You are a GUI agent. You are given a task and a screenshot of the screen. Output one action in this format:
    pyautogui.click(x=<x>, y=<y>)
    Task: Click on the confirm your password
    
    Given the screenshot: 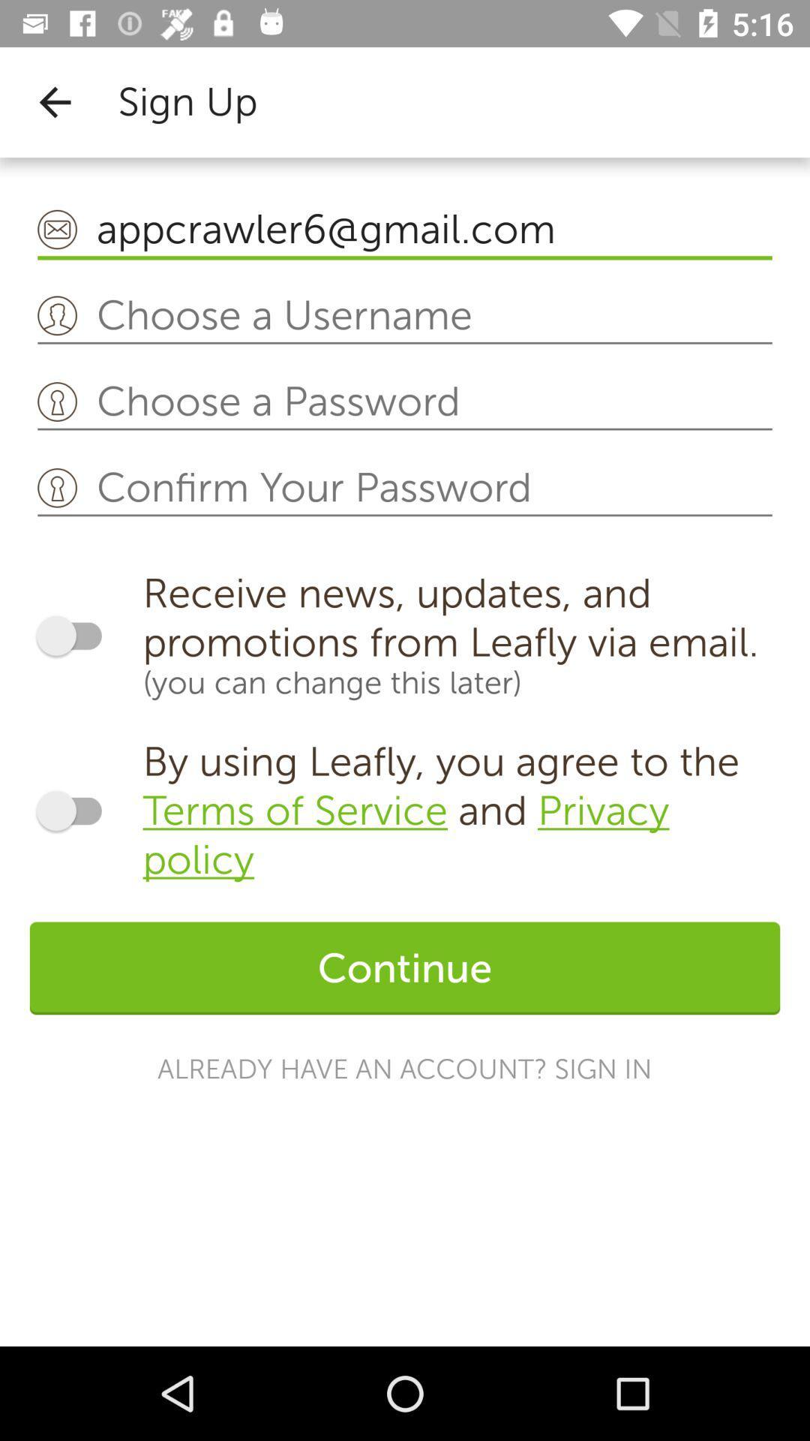 What is the action you would take?
    pyautogui.click(x=405, y=489)
    